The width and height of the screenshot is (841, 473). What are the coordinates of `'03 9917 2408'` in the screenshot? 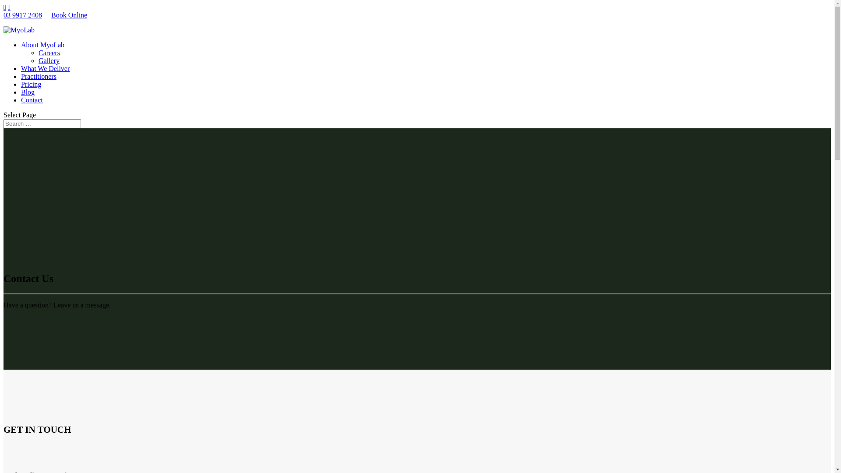 It's located at (23, 15).